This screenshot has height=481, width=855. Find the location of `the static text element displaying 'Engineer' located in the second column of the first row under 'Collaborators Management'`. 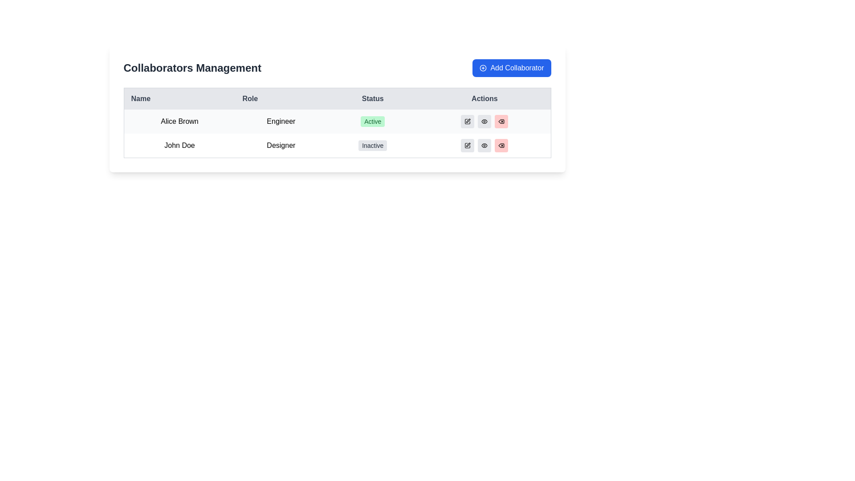

the static text element displaying 'Engineer' located in the second column of the first row under 'Collaborators Management' is located at coordinates (281, 122).